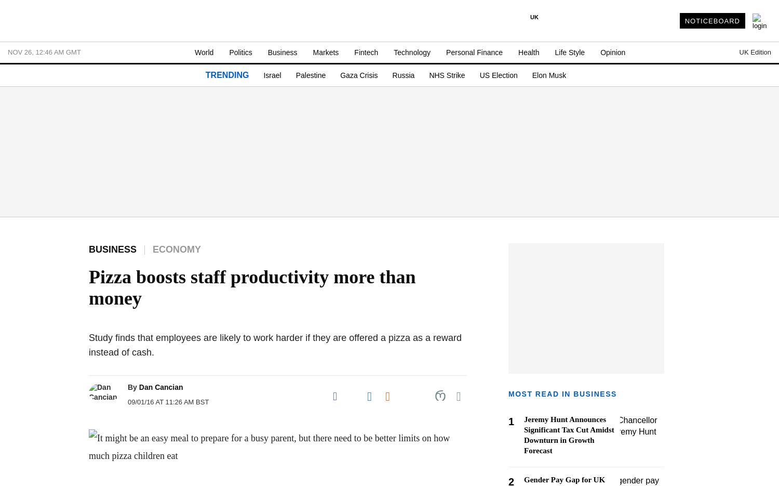  I want to click on 'NHS Strike', so click(446, 75).